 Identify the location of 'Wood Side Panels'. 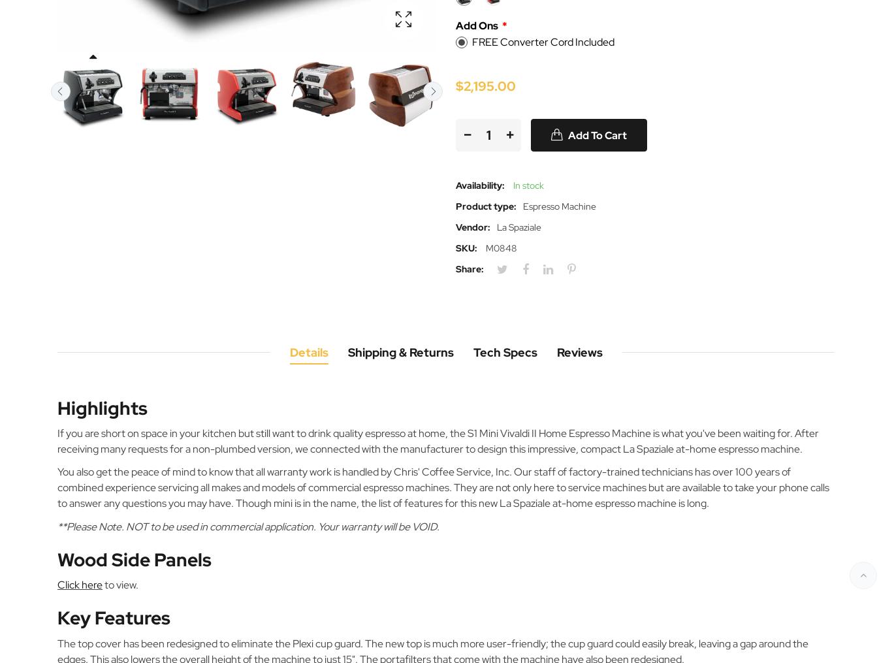
(57, 558).